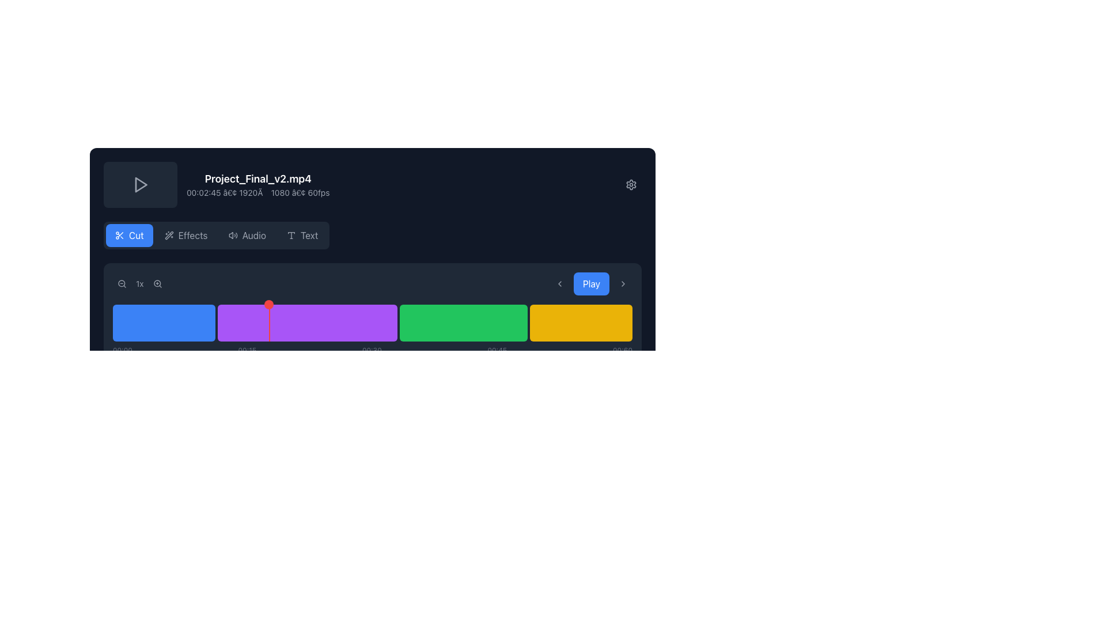  What do you see at coordinates (129, 234) in the screenshot?
I see `the 'Cut' button located at the top left of the panel` at bounding box center [129, 234].